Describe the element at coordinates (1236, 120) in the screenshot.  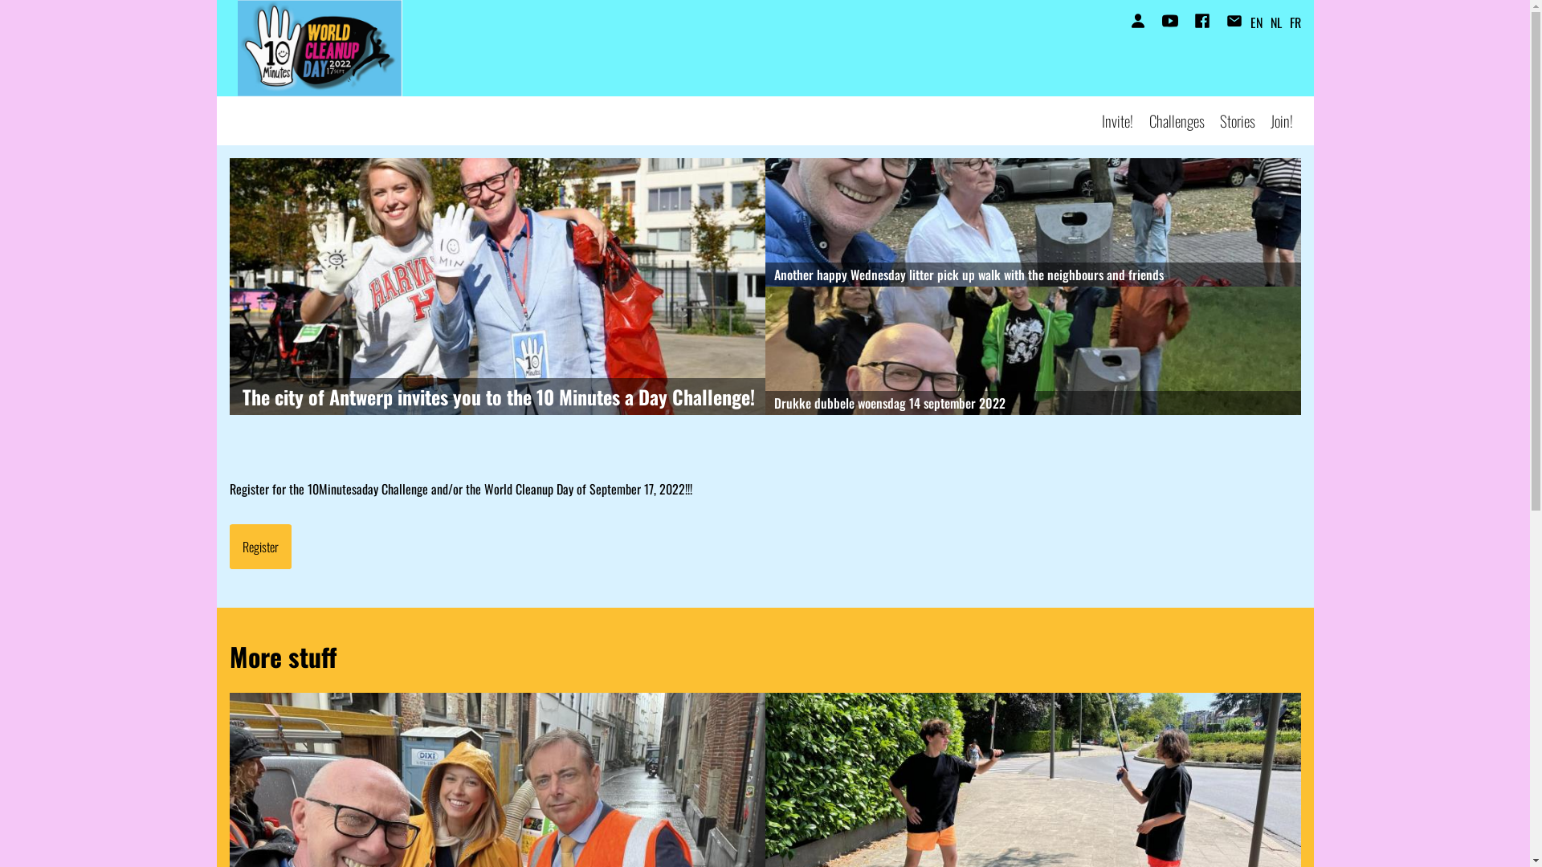
I see `'Stories'` at that location.